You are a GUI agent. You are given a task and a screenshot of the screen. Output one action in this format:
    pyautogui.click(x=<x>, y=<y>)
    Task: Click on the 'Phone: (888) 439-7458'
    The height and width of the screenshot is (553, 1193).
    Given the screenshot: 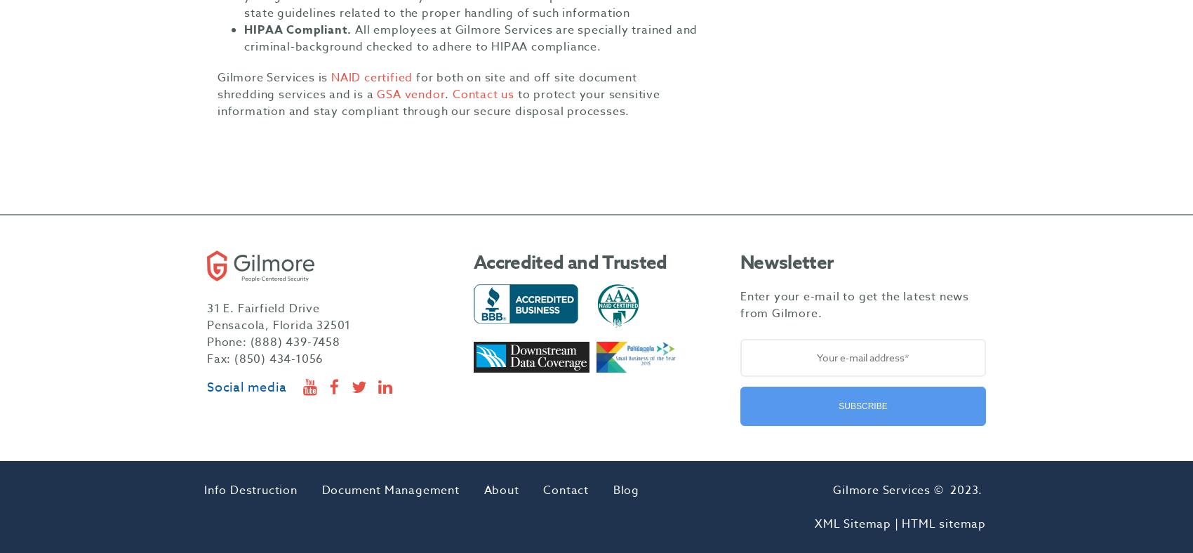 What is the action you would take?
    pyautogui.click(x=272, y=342)
    